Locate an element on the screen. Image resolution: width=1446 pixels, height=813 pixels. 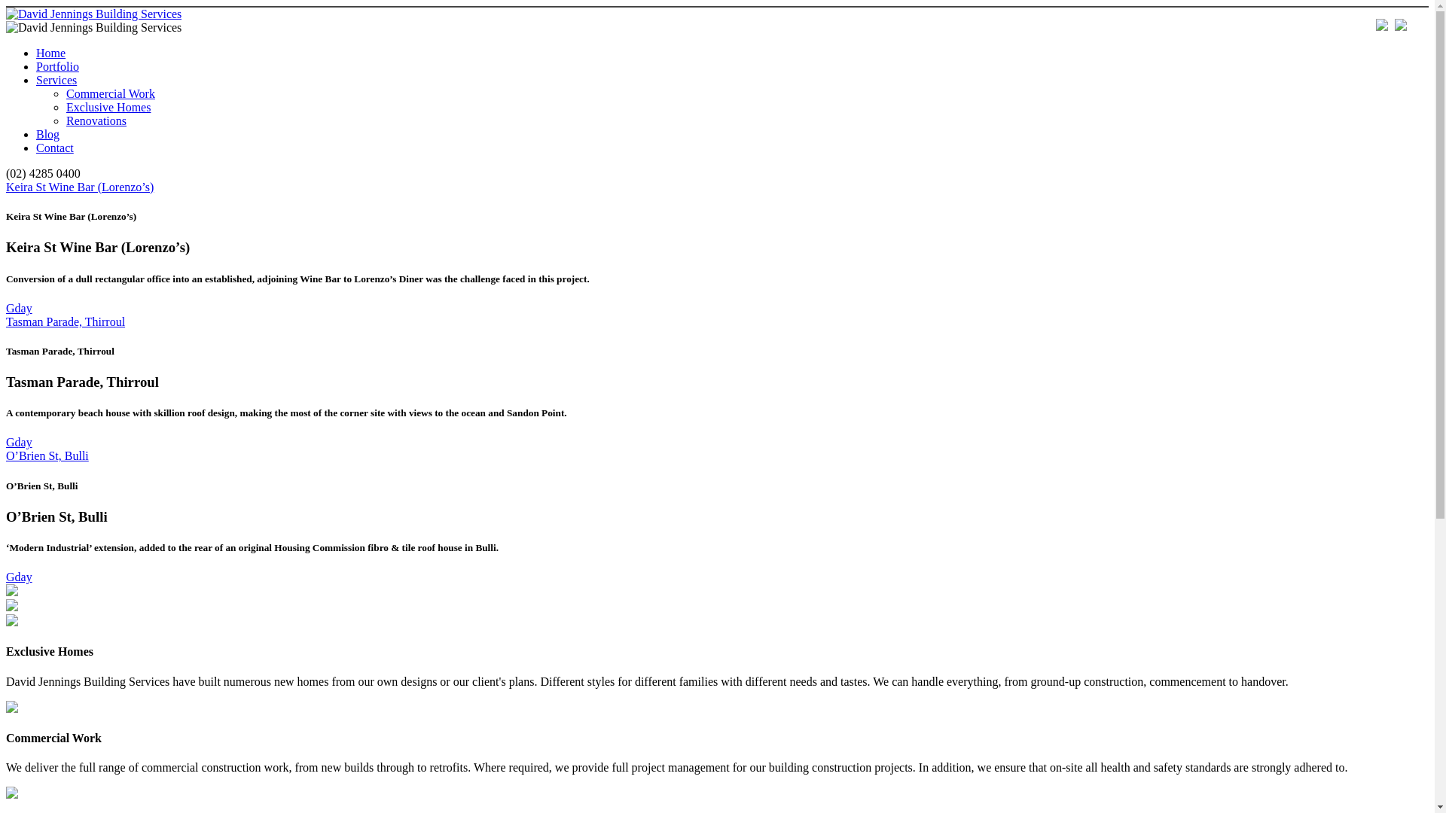
'Blog' is located at coordinates (47, 133).